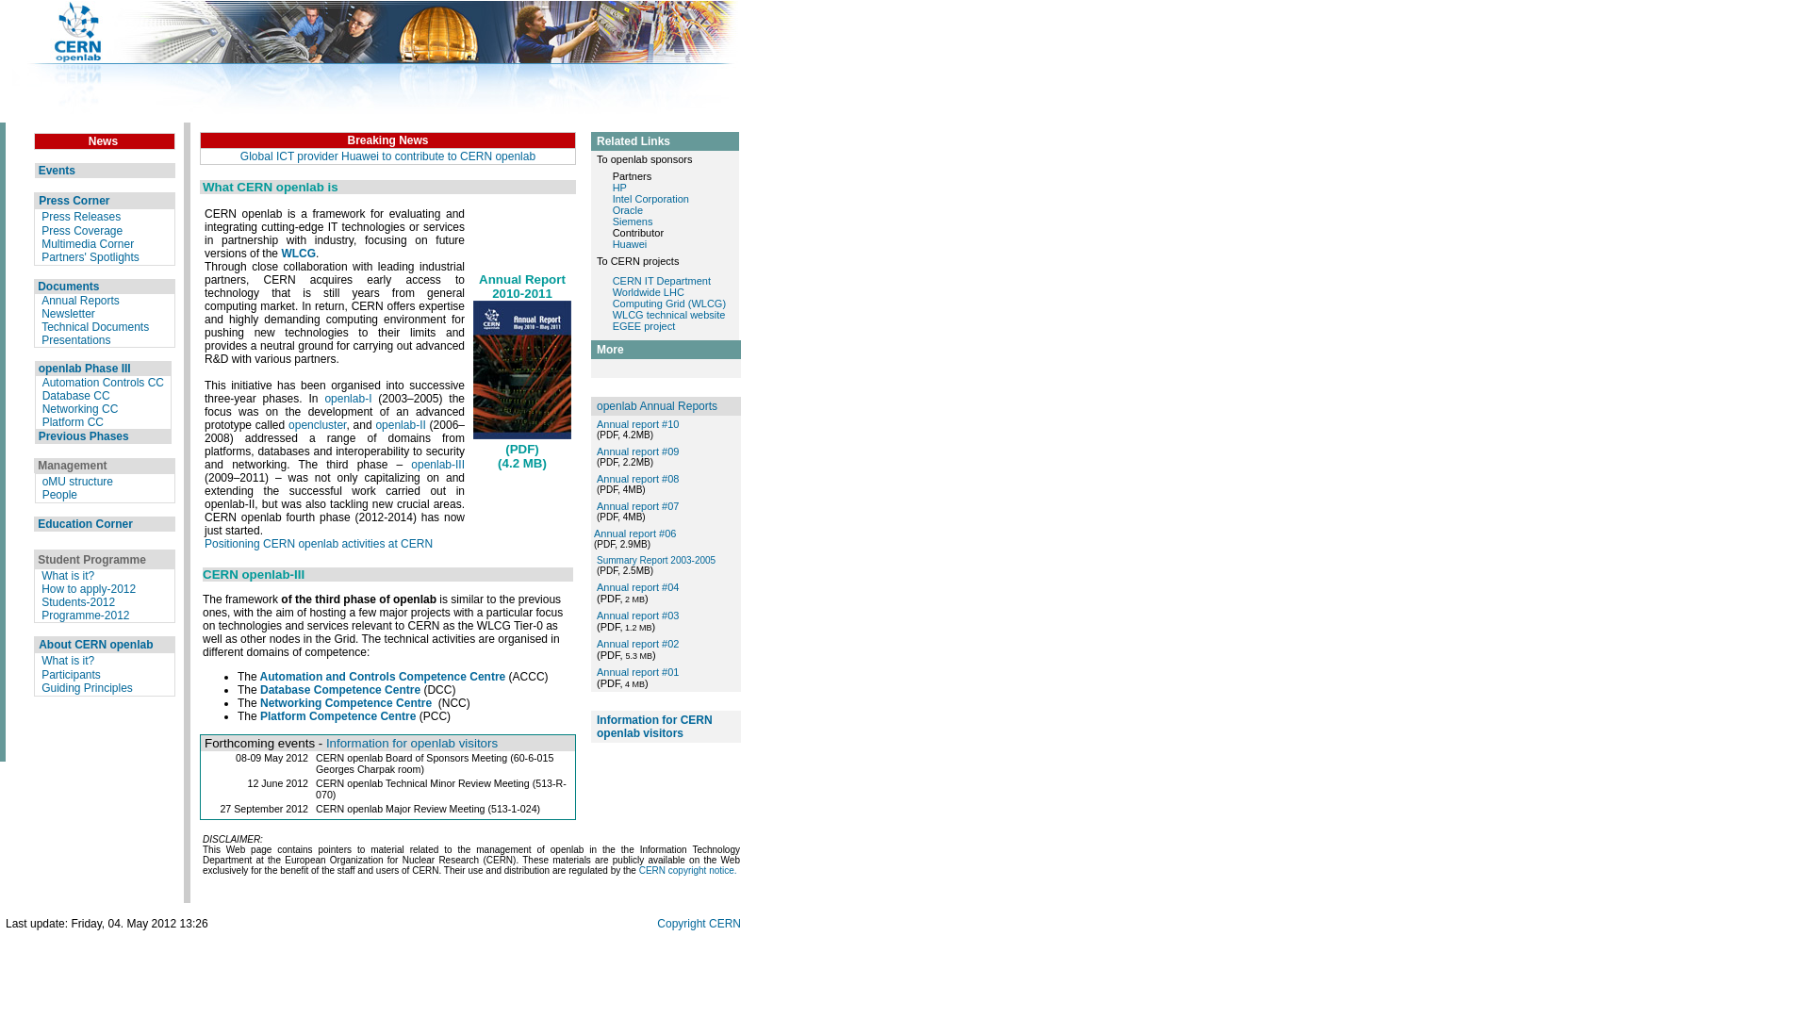 The width and height of the screenshot is (1810, 1018). Describe the element at coordinates (79, 408) in the screenshot. I see `'Networking CC'` at that location.